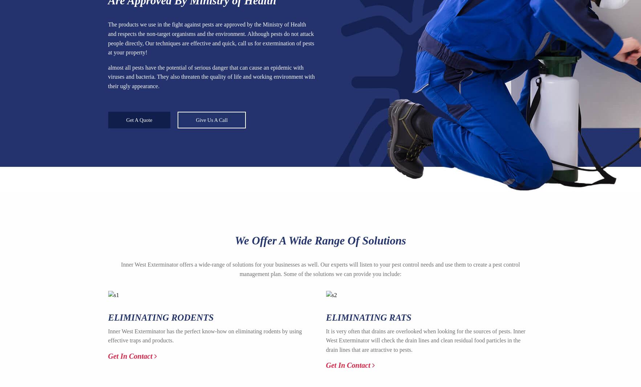  Describe the element at coordinates (107, 317) in the screenshot. I see `'Eliminating Rodents'` at that location.